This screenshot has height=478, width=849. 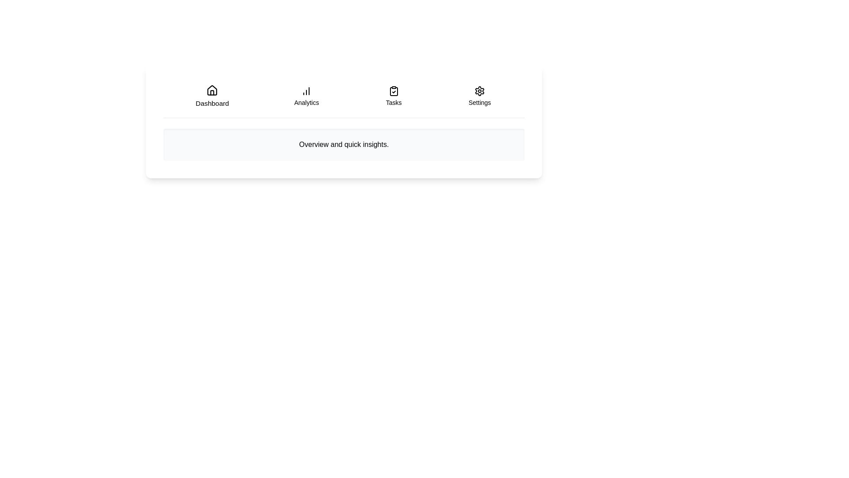 What do you see at coordinates (211, 90) in the screenshot?
I see `the stylized house icon located in the navigation bar above the 'Dashboard' label` at bounding box center [211, 90].